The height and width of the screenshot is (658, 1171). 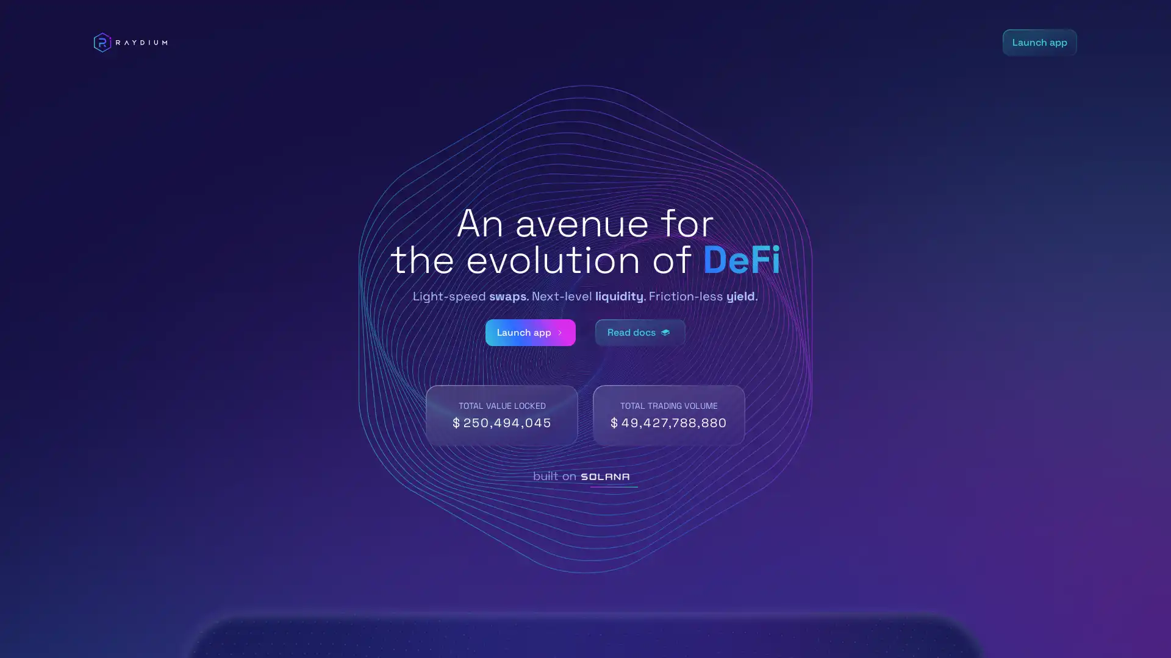 What do you see at coordinates (640, 333) in the screenshot?
I see `Read docs gitbook` at bounding box center [640, 333].